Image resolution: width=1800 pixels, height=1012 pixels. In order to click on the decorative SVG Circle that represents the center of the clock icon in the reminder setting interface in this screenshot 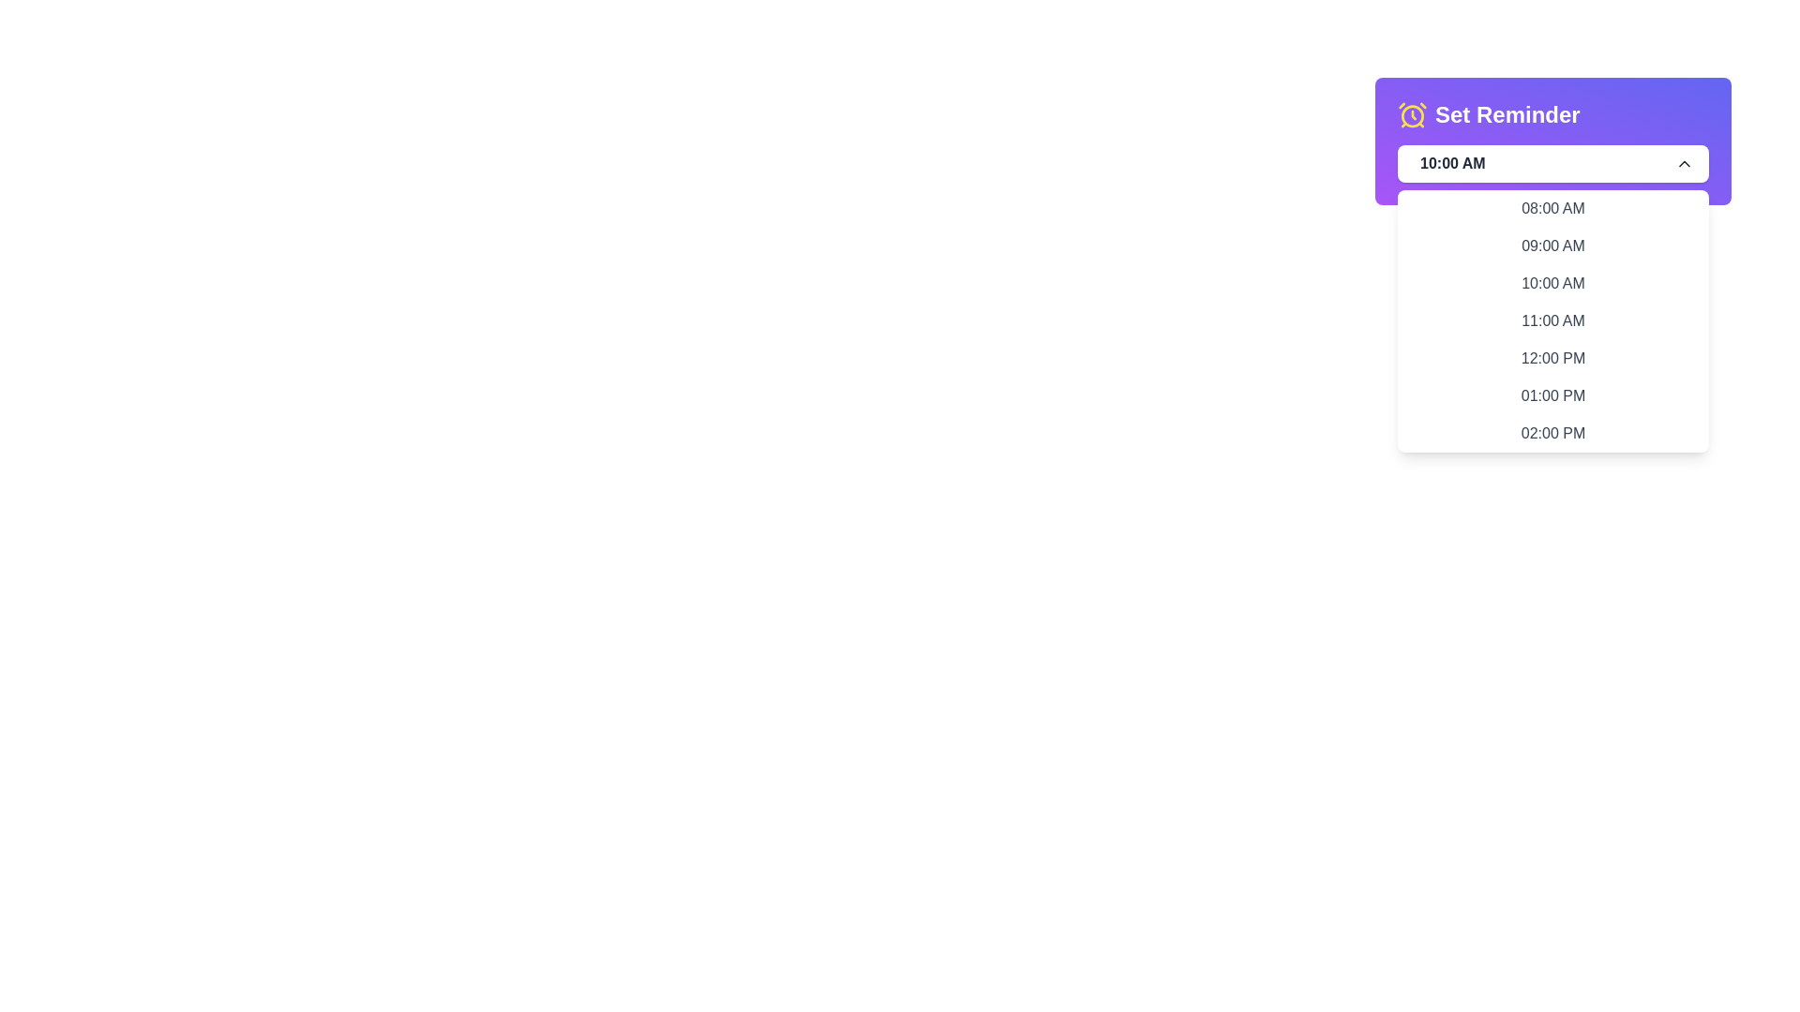, I will do `click(1413, 115)`.